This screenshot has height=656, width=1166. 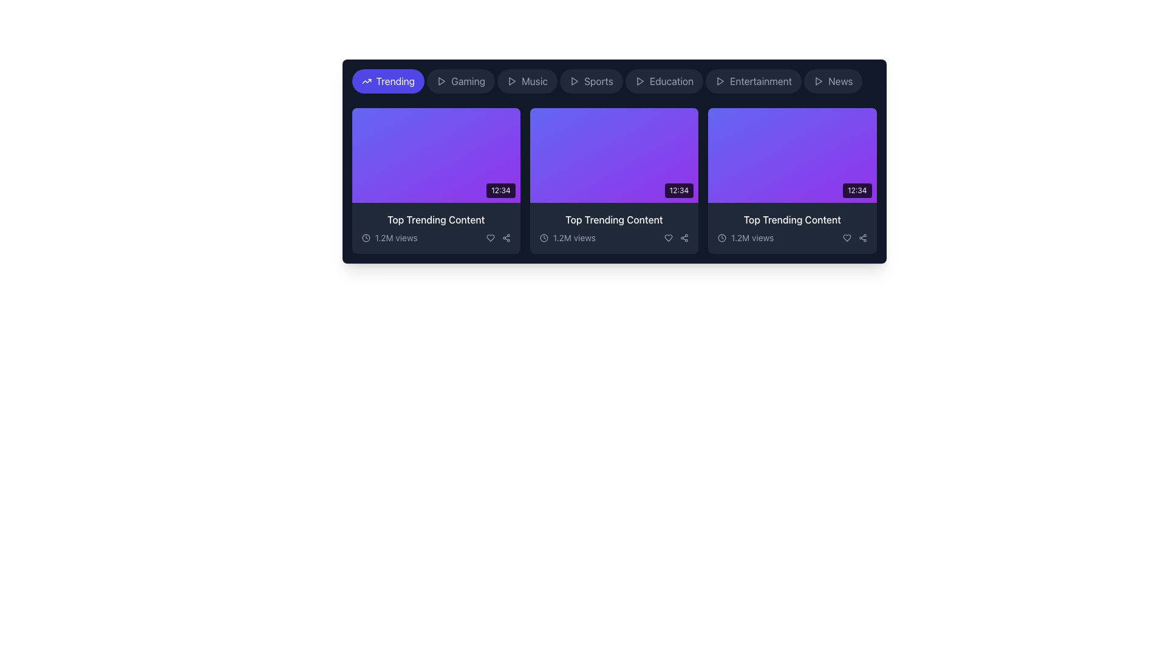 I want to click on the 'News' navigation button located at the top-right corner of the interface, so click(x=833, y=81).